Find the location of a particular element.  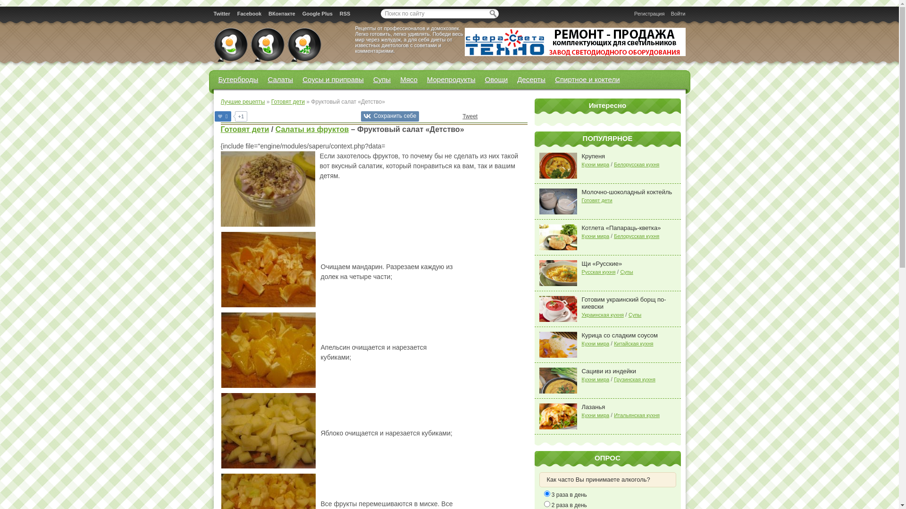

'Google Plus' is located at coordinates (317, 14).